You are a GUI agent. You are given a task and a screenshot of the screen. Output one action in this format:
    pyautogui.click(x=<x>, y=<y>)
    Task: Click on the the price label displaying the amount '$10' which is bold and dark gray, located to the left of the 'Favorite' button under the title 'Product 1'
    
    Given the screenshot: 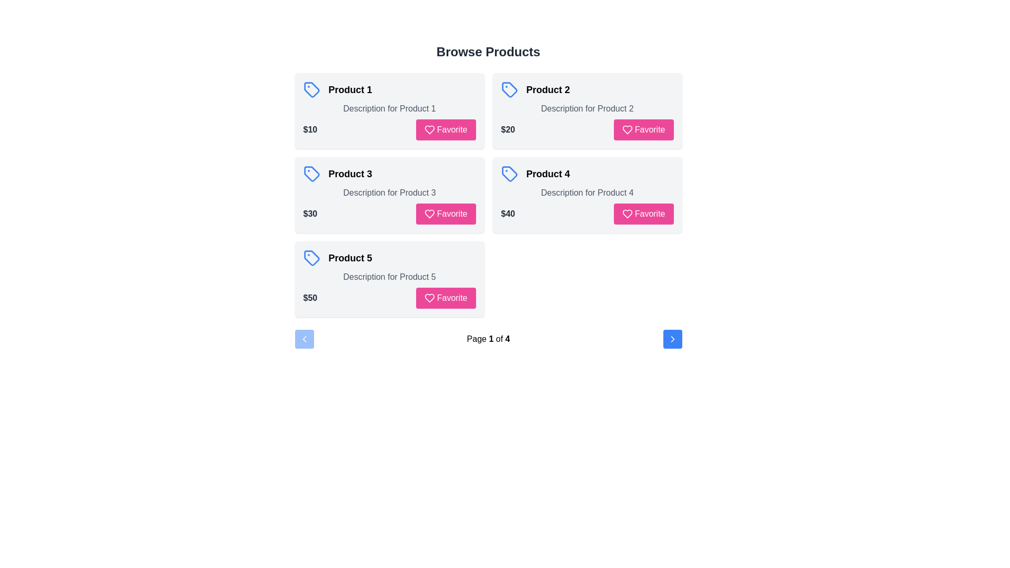 What is the action you would take?
    pyautogui.click(x=309, y=129)
    